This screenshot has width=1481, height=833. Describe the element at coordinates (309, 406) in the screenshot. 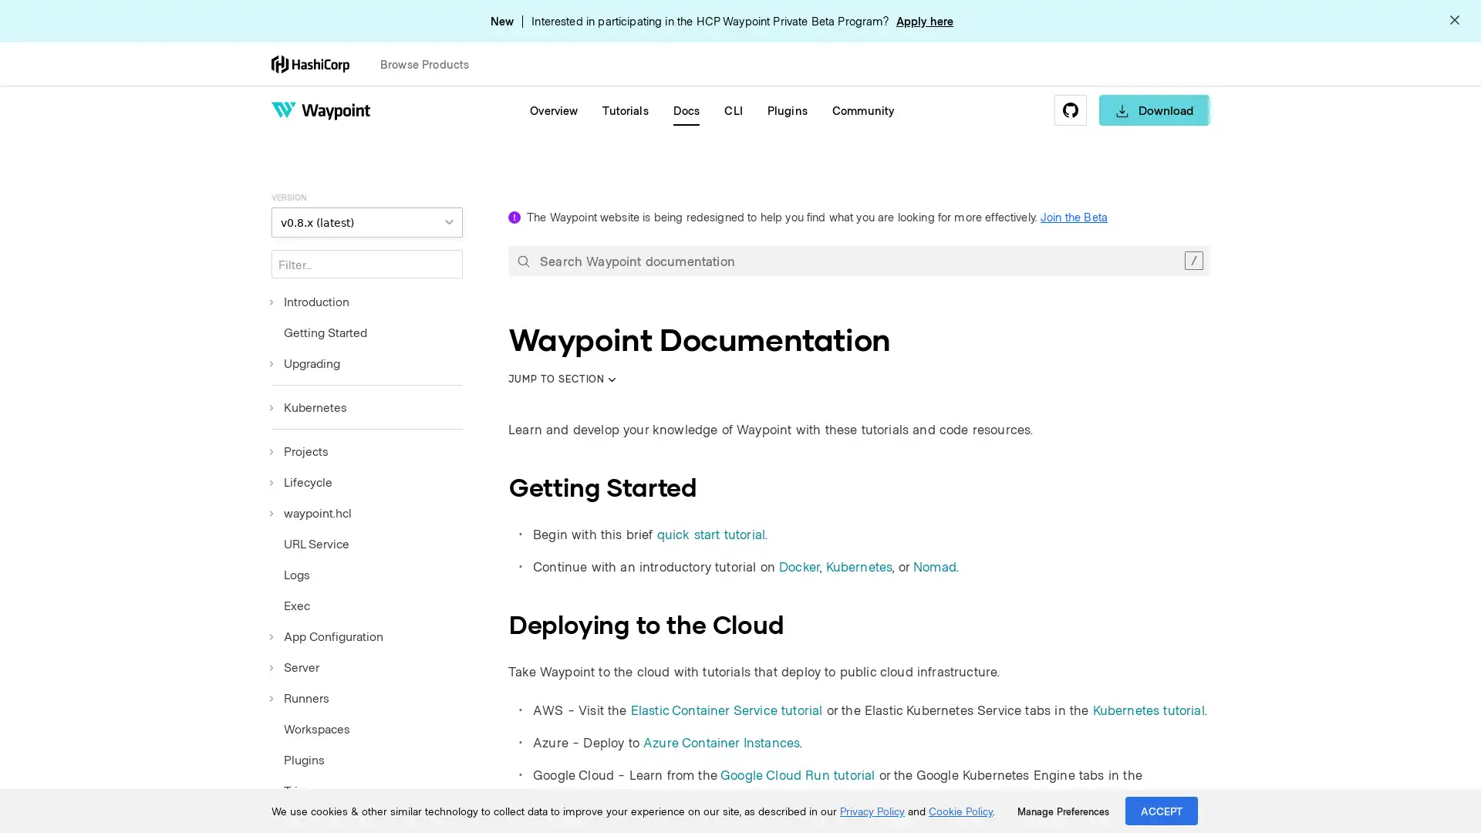

I see `Kubernetes` at that location.